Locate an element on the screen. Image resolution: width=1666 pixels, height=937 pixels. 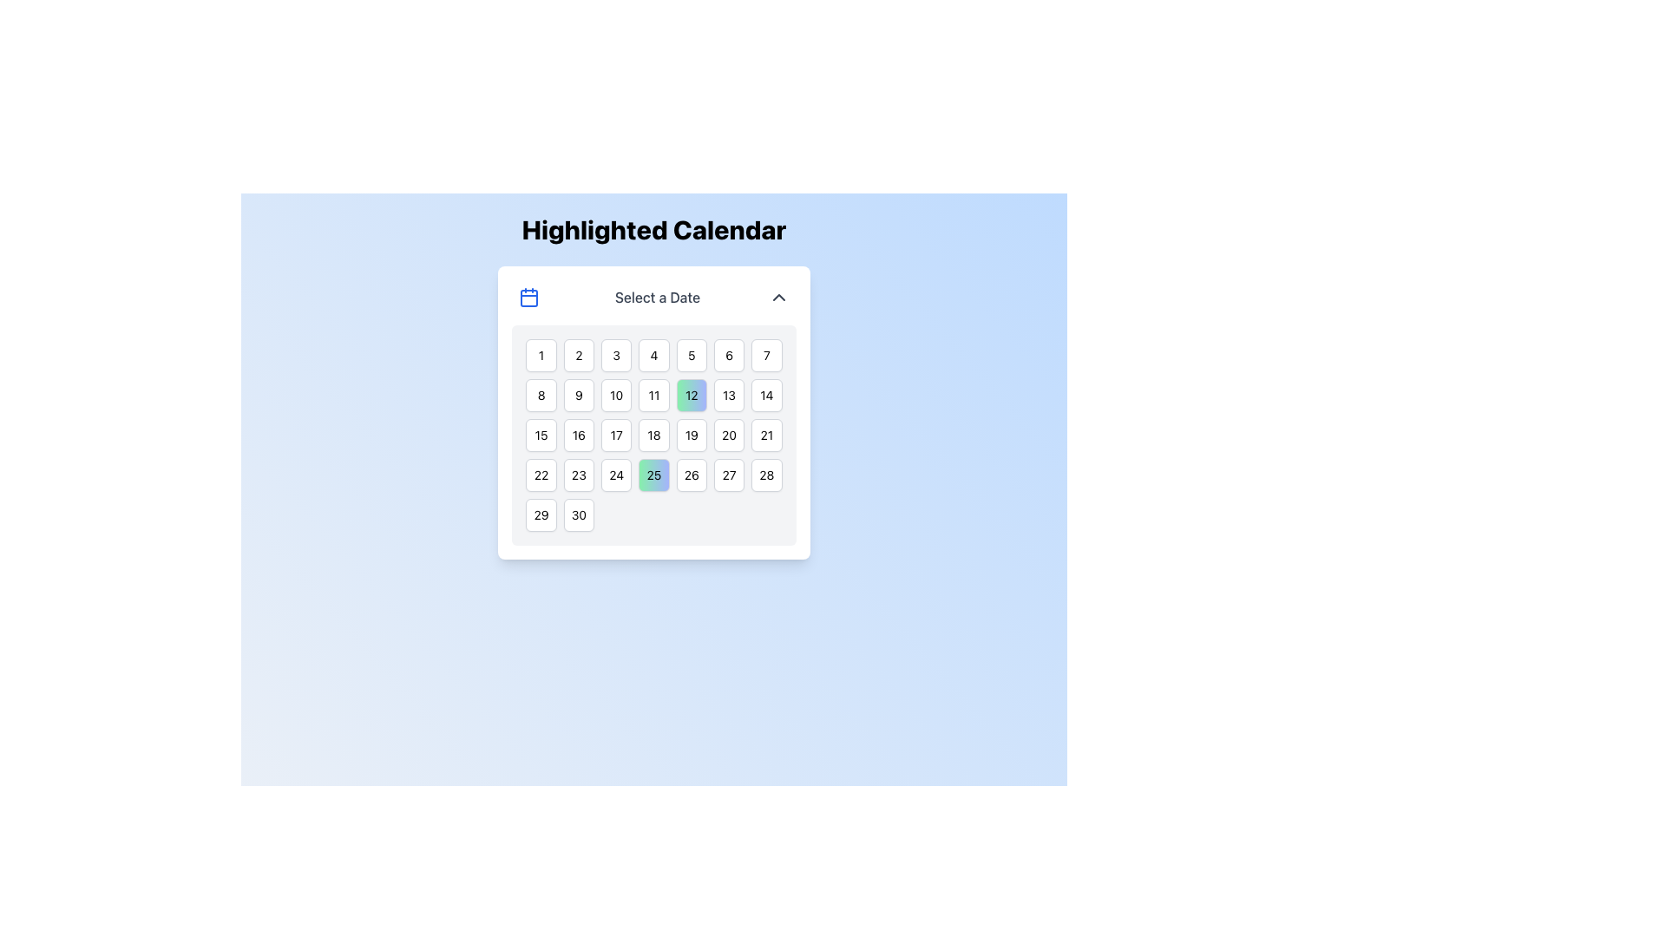
the button labeled '10' is located at coordinates (616, 395).